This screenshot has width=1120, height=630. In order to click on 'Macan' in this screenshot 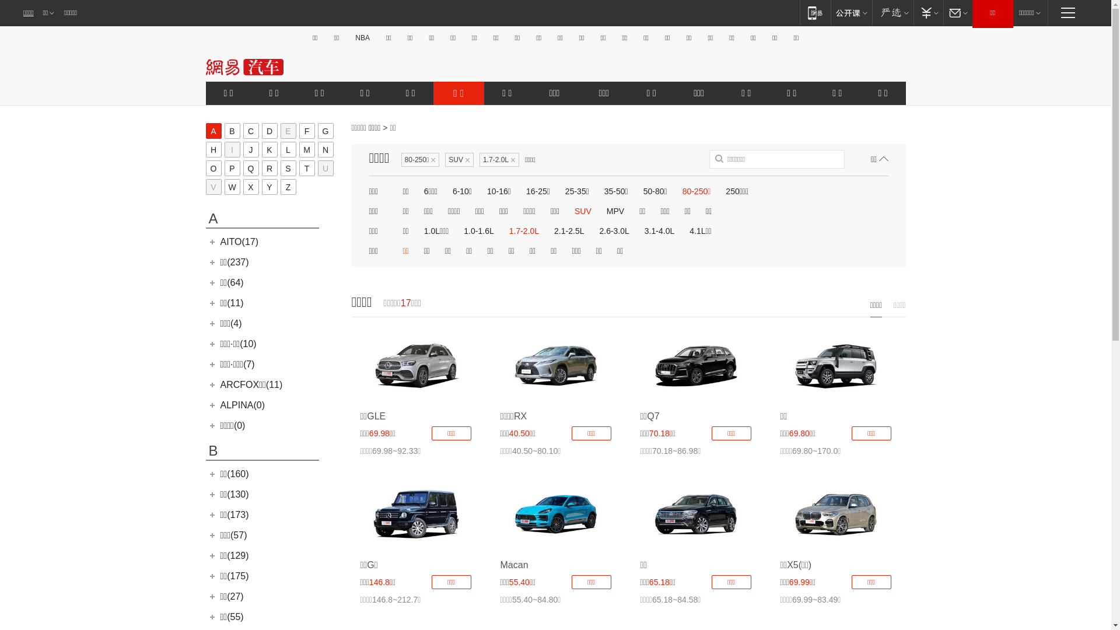, I will do `click(555, 513)`.